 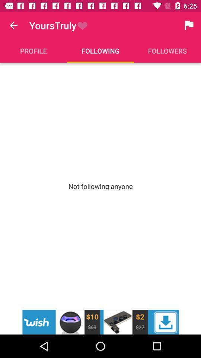 What do you see at coordinates (100, 322) in the screenshot?
I see `wish advertisement` at bounding box center [100, 322].